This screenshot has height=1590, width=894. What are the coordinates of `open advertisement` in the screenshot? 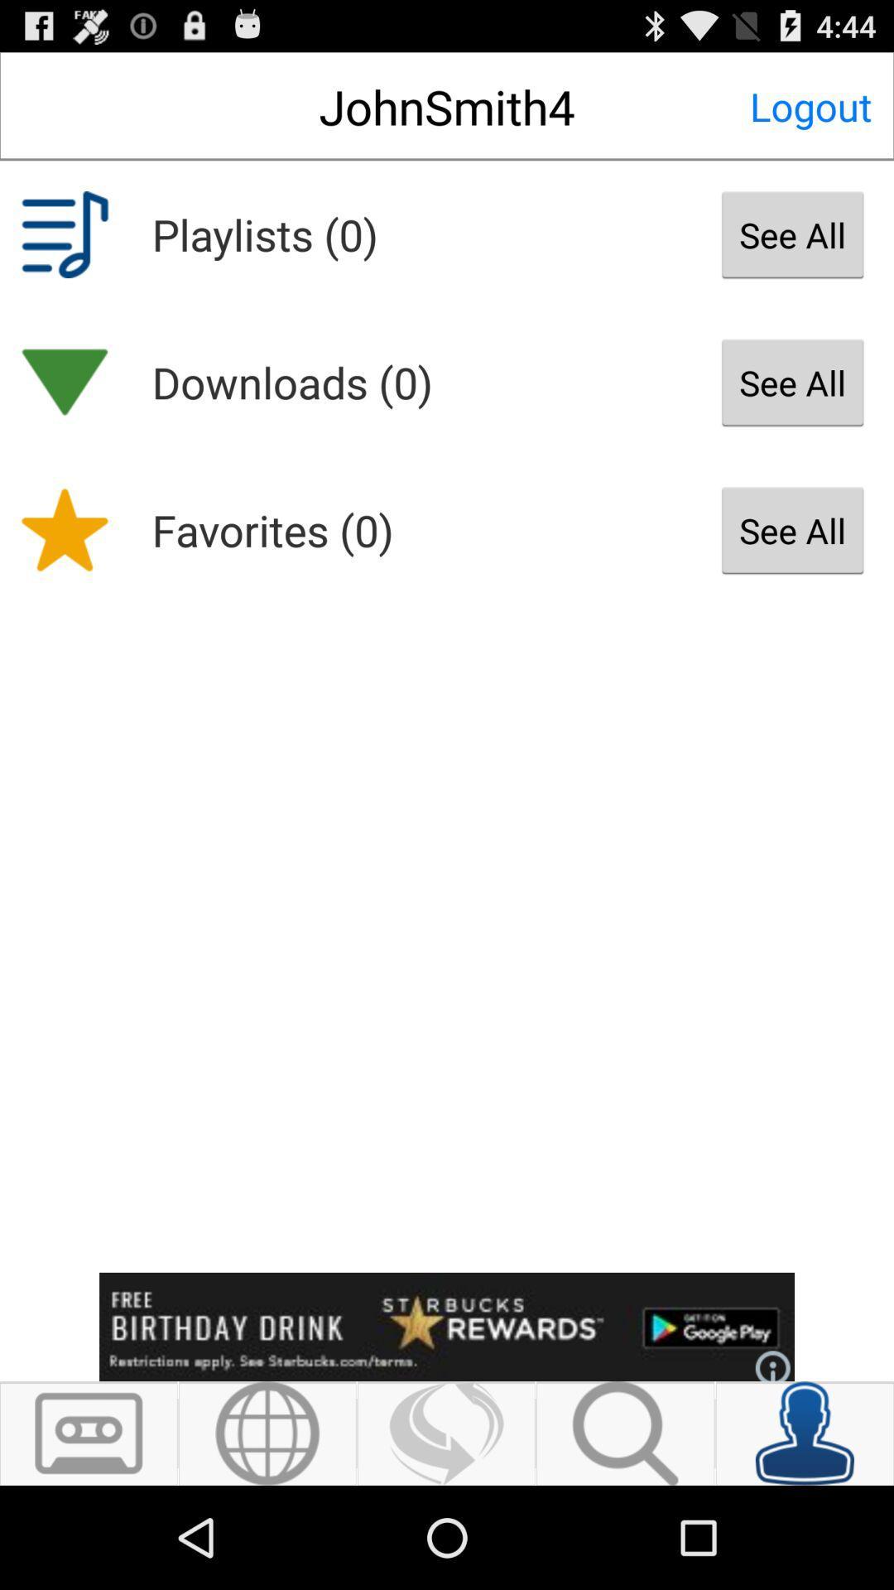 It's located at (447, 1327).